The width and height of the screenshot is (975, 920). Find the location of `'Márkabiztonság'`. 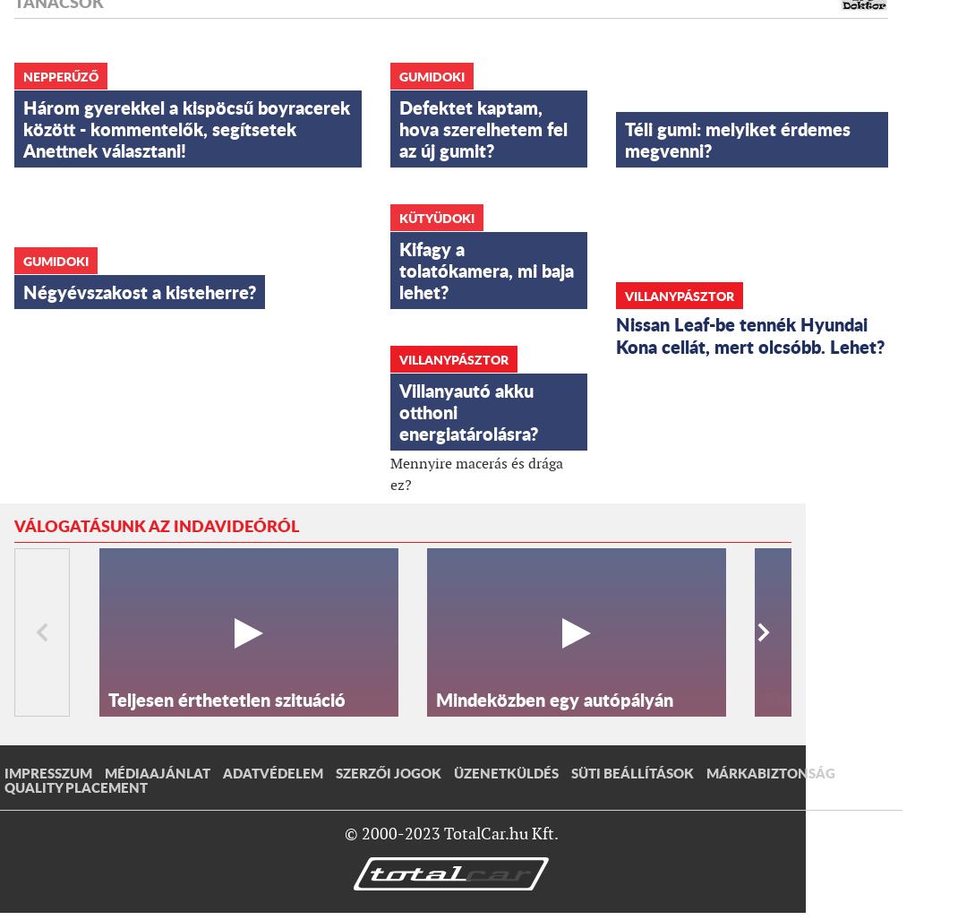

'Márkabiztonság' is located at coordinates (770, 770).